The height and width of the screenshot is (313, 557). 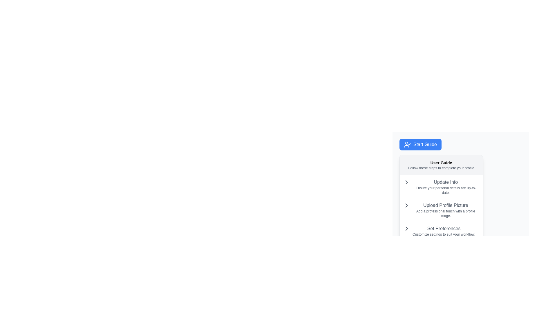 I want to click on the user-icon styled graphic, which consists of a circular head and a checkmark symbol, located to the left of the 'Start Guide' button, so click(x=407, y=144).